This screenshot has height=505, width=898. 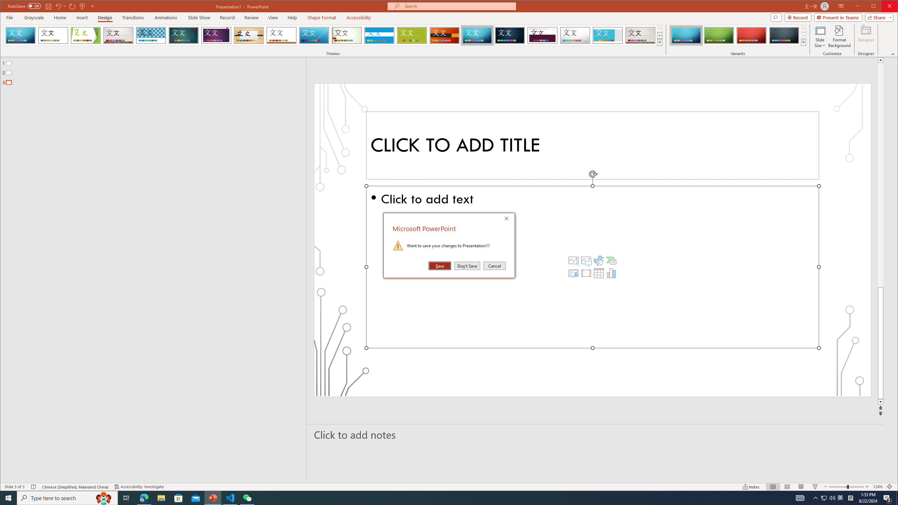 What do you see at coordinates (640, 35) in the screenshot?
I see `'Gallery'` at bounding box center [640, 35].